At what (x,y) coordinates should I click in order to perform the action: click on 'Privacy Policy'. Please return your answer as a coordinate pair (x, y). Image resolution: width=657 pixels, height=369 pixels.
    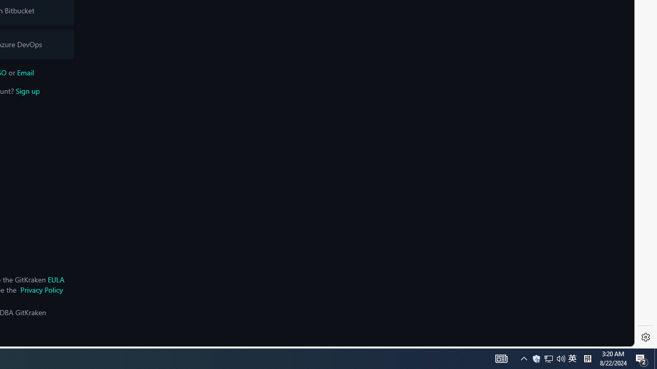
    Looking at the image, I should click on (41, 290).